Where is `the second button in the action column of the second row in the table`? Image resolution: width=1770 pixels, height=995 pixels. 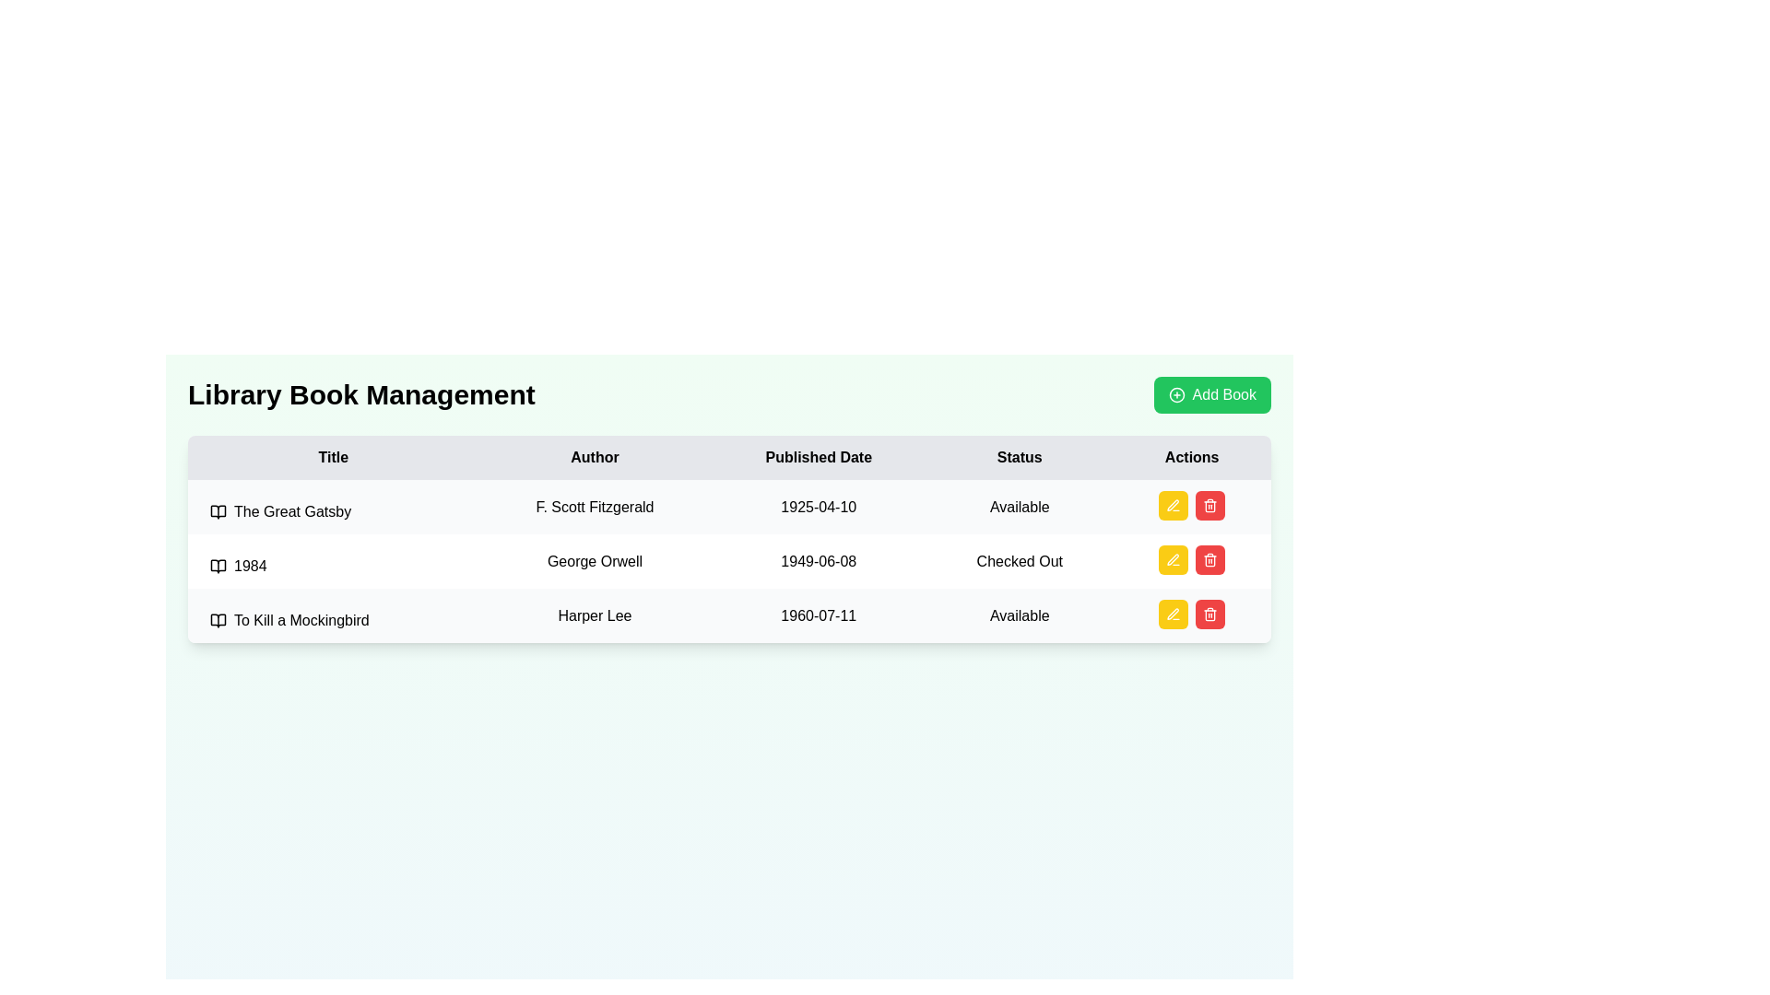
the second button in the action column of the second row in the table is located at coordinates (1173, 559).